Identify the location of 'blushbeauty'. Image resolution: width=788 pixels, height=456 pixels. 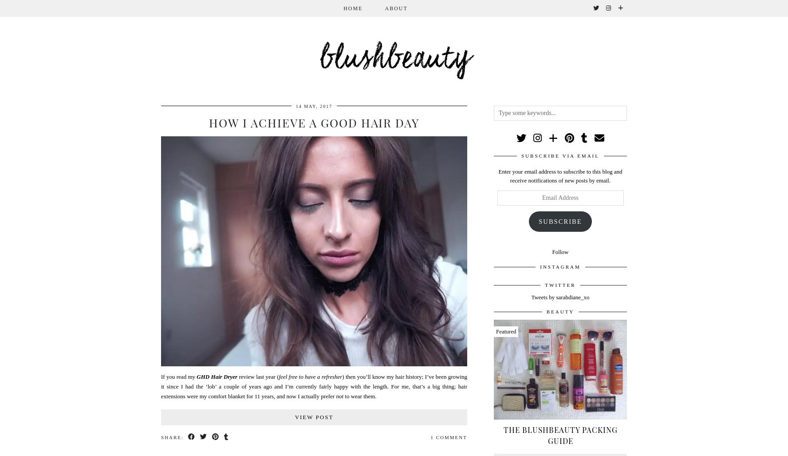
(319, 59).